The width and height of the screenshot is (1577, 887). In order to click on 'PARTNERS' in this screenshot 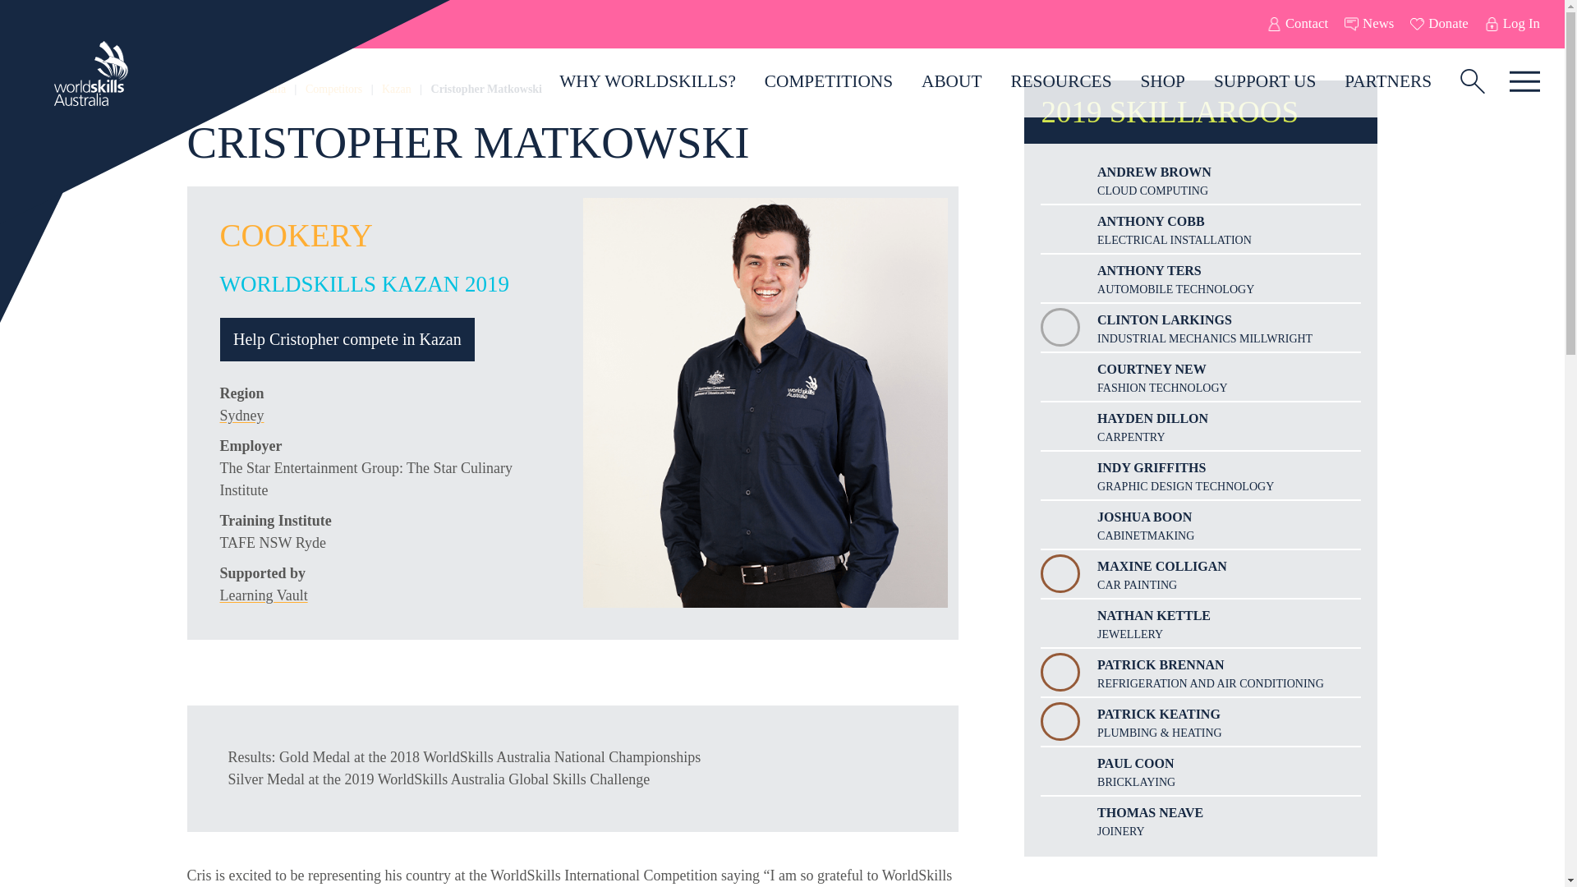, I will do `click(1387, 81)`.